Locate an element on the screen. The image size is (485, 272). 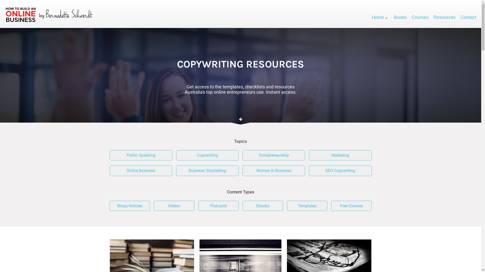
'Ebooks' is located at coordinates (263, 206).